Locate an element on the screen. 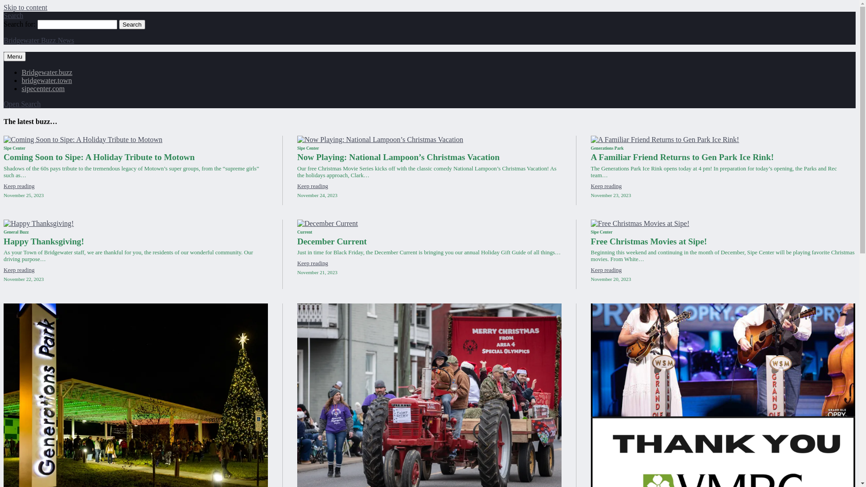 This screenshot has height=487, width=866. 'Bridgewater Buzz News' is located at coordinates (38, 40).